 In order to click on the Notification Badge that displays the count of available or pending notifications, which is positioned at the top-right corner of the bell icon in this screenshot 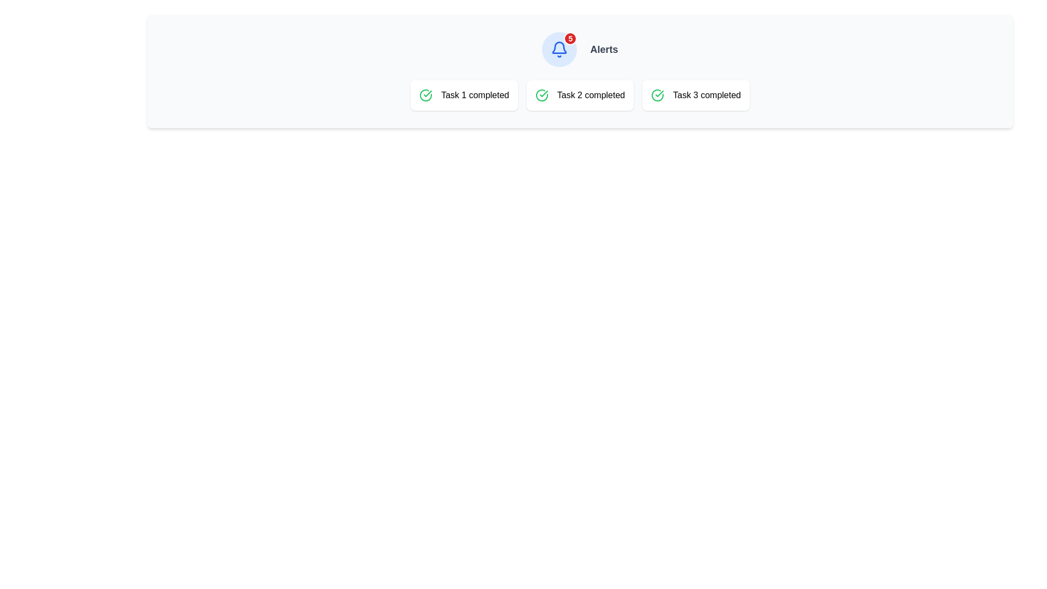, I will do `click(570, 38)`.